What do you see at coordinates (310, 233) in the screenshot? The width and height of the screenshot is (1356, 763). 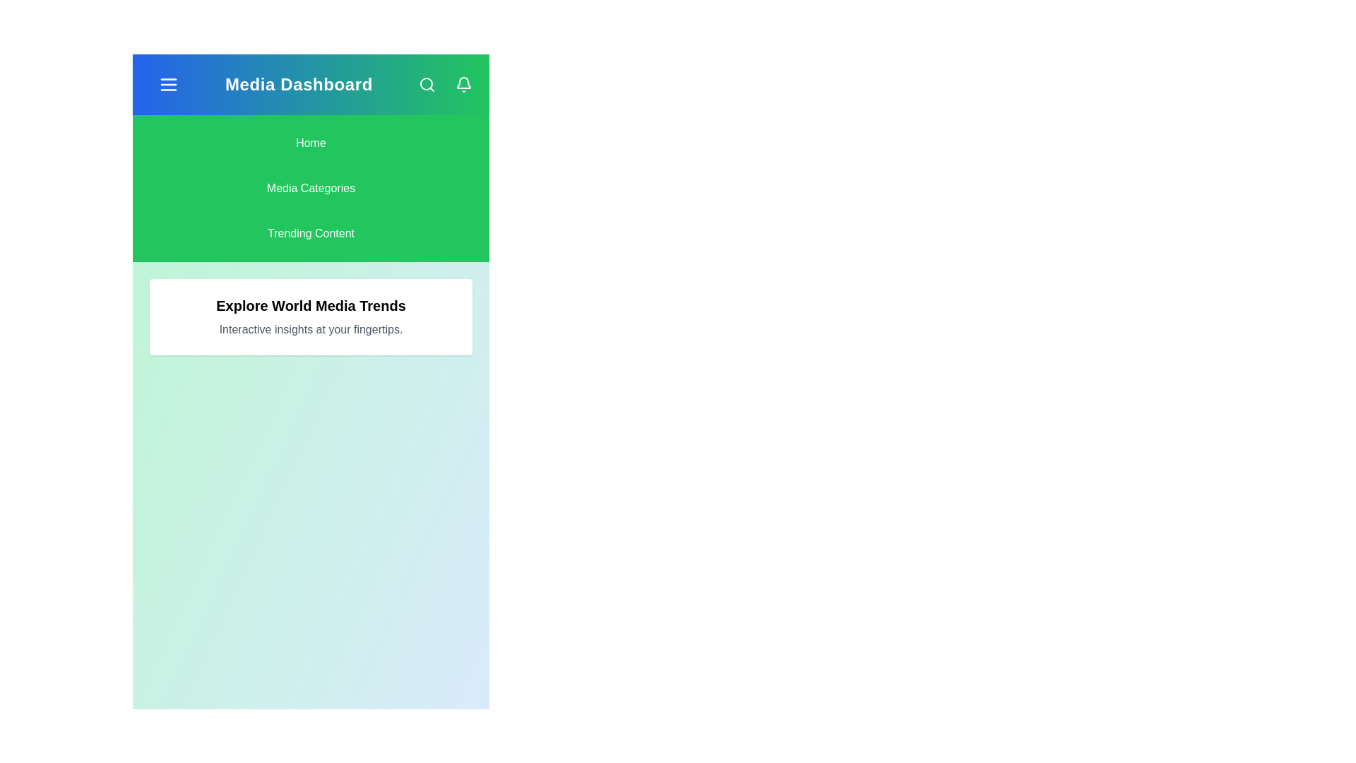 I see `the navigation menu item Trending Content` at bounding box center [310, 233].